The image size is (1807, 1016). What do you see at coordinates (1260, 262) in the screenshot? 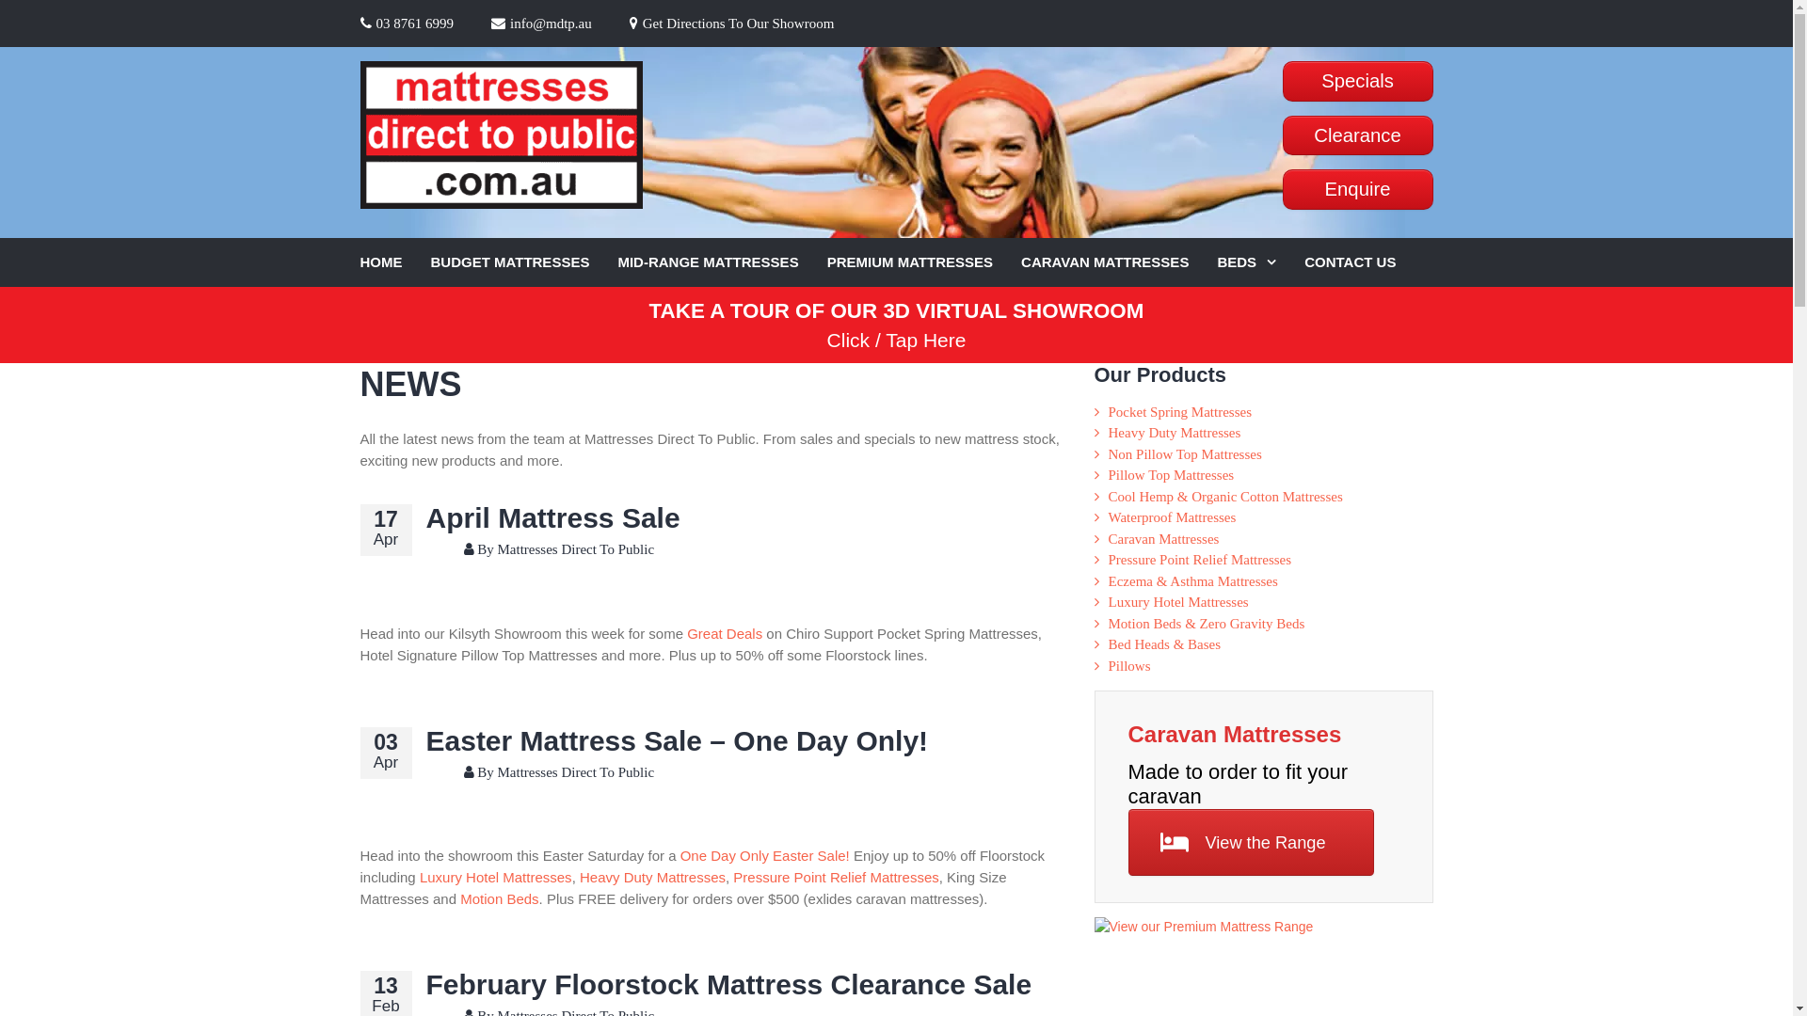
I see `'BEDS'` at bounding box center [1260, 262].